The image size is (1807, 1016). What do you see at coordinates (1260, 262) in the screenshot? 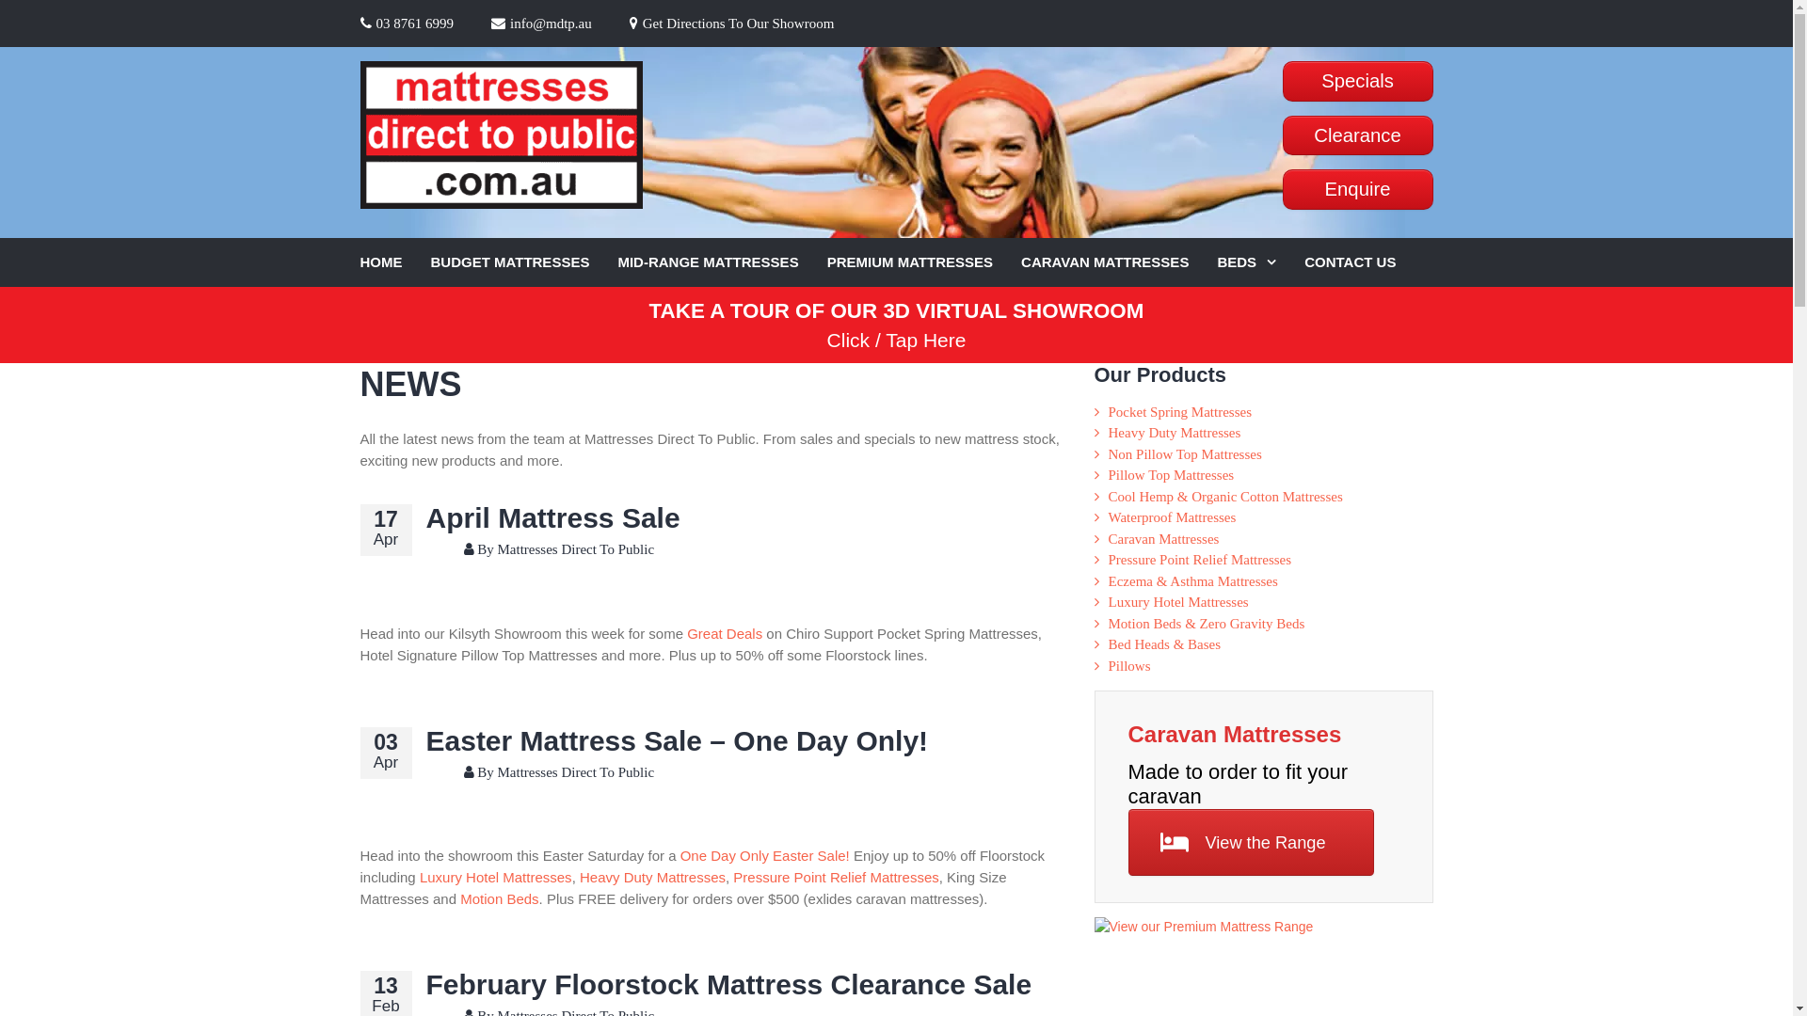
I see `'BEDS'` at bounding box center [1260, 262].